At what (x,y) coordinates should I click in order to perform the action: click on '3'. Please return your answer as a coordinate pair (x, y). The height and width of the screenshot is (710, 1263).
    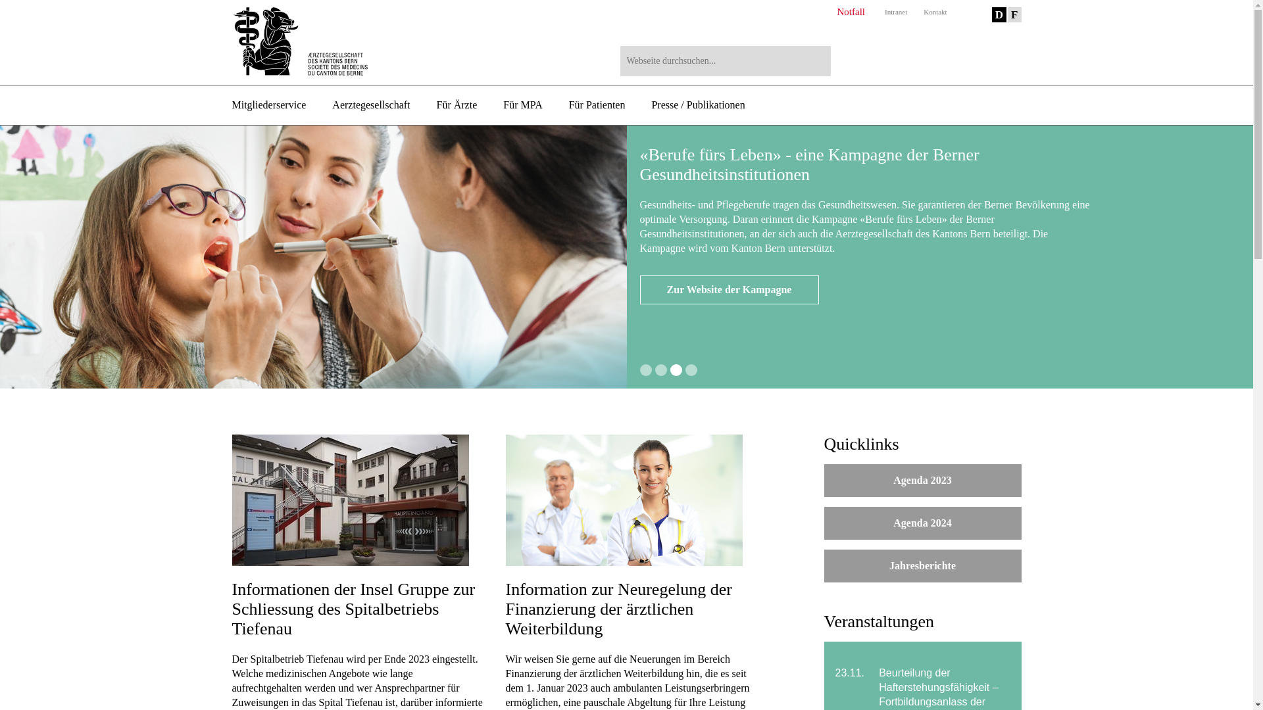
    Looking at the image, I should click on (676, 370).